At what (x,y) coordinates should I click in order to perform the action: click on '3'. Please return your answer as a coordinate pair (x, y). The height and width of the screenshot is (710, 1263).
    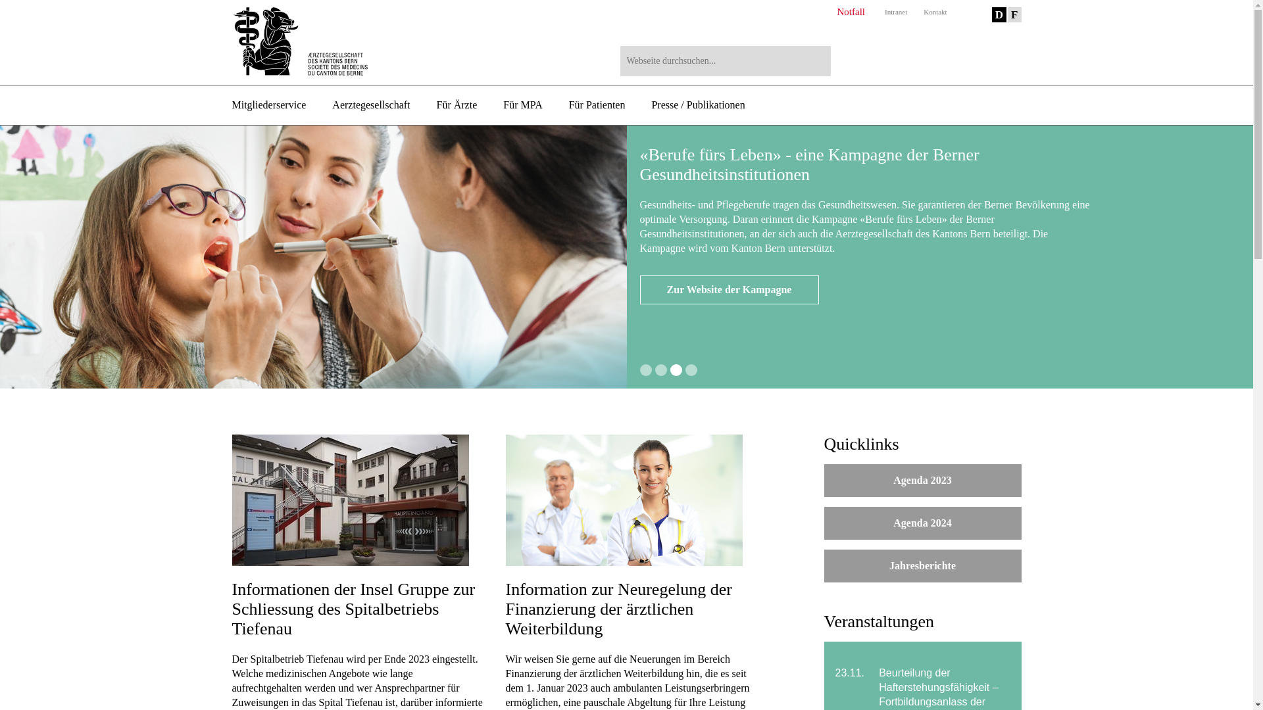
    Looking at the image, I should click on (676, 370).